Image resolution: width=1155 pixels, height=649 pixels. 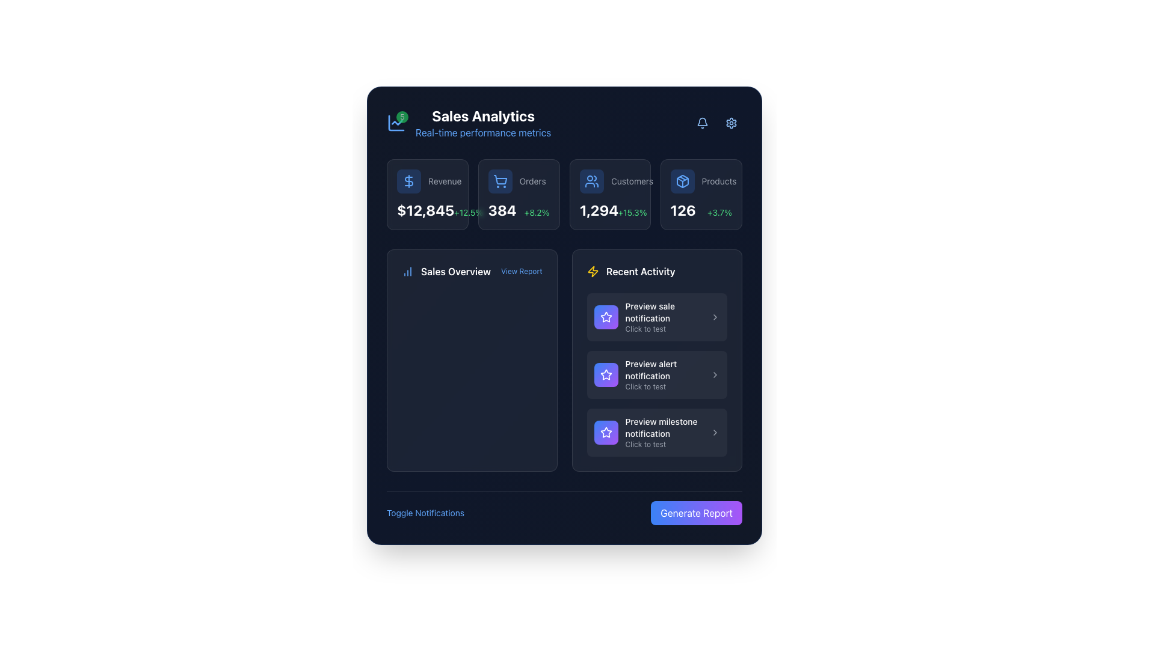 What do you see at coordinates (407, 271) in the screenshot?
I see `the icon representing sales performance or analytics, which is the first element in the 'Sales Overview' section, located in the top-left area of the interface` at bounding box center [407, 271].